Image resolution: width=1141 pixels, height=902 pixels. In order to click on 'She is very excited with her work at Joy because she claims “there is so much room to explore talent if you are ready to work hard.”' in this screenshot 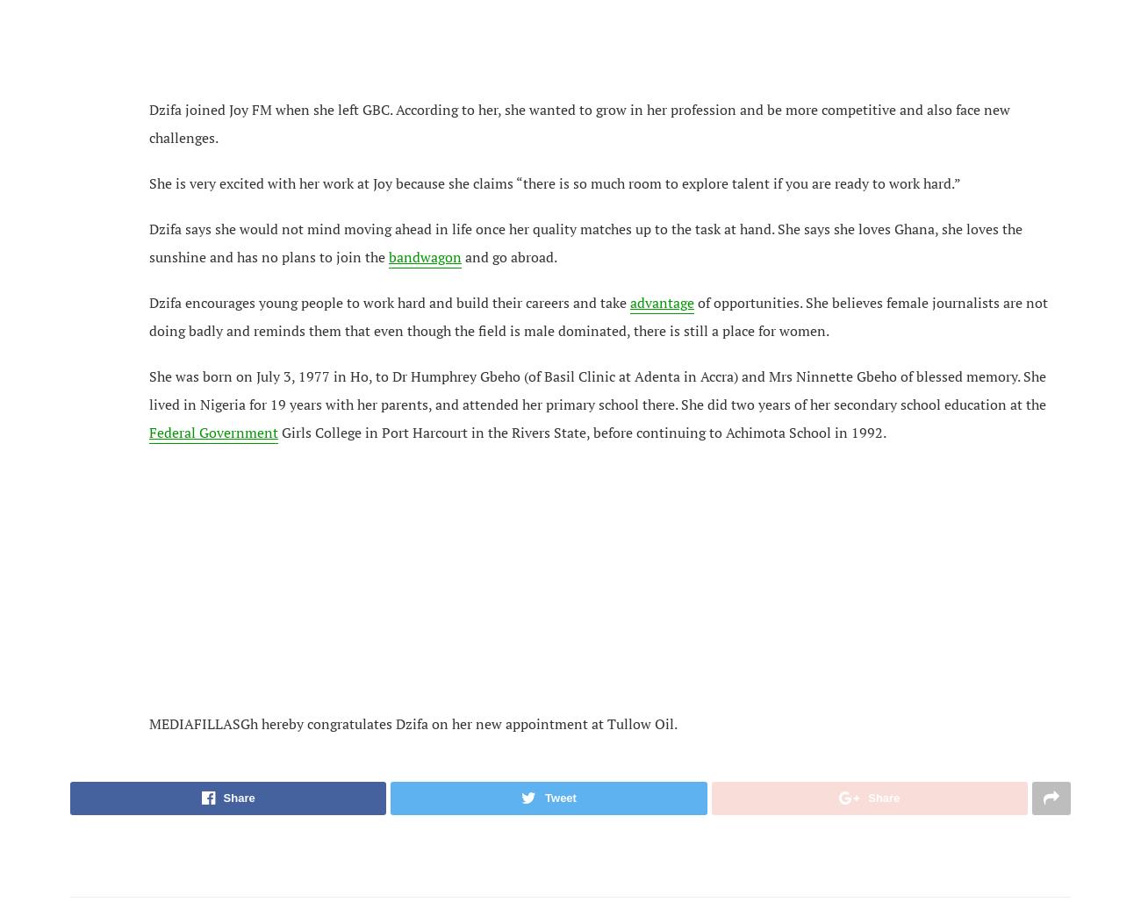, I will do `click(555, 181)`.